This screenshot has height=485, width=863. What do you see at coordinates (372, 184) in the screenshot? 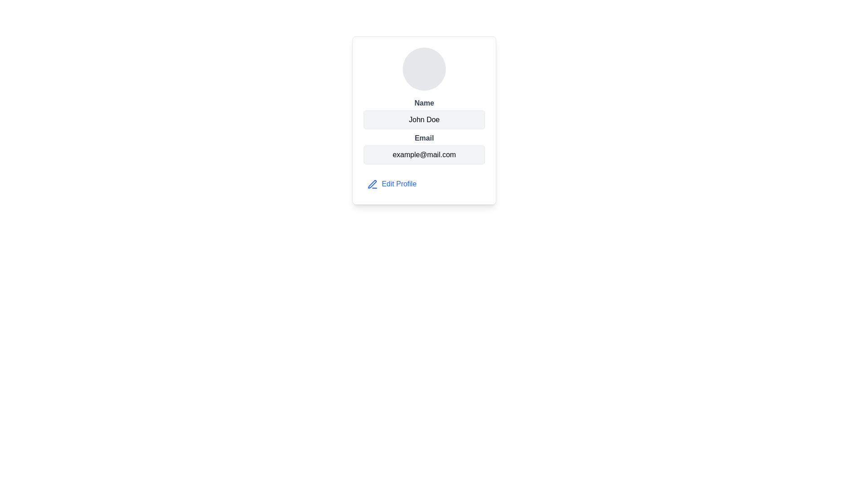
I see `the pen icon located next to the 'Edit Profile' label in the user details card` at bounding box center [372, 184].